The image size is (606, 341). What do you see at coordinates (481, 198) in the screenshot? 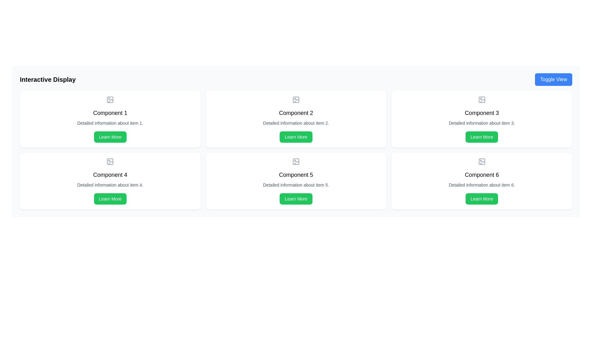
I see `the button located at the bottom of Component 6, beneath the text 'Detailed information about item 6'` at bounding box center [481, 198].